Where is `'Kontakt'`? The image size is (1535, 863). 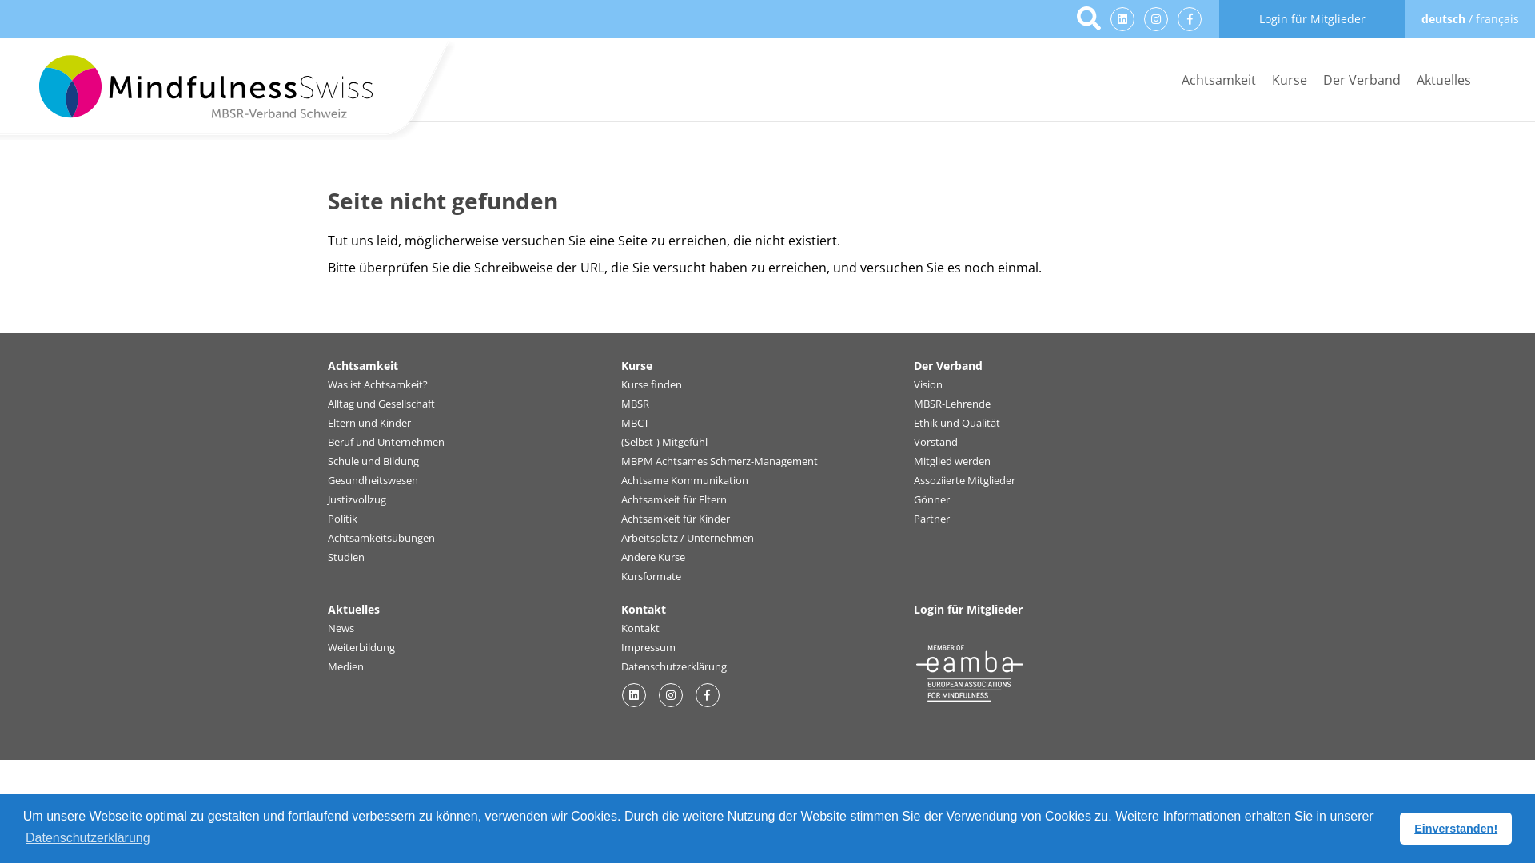
'Kontakt' is located at coordinates (644, 609).